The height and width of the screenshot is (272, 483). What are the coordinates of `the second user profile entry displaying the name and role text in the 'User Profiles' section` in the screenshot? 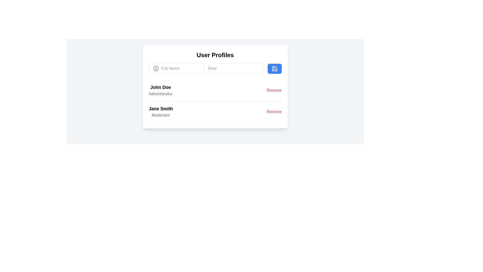 It's located at (160, 111).